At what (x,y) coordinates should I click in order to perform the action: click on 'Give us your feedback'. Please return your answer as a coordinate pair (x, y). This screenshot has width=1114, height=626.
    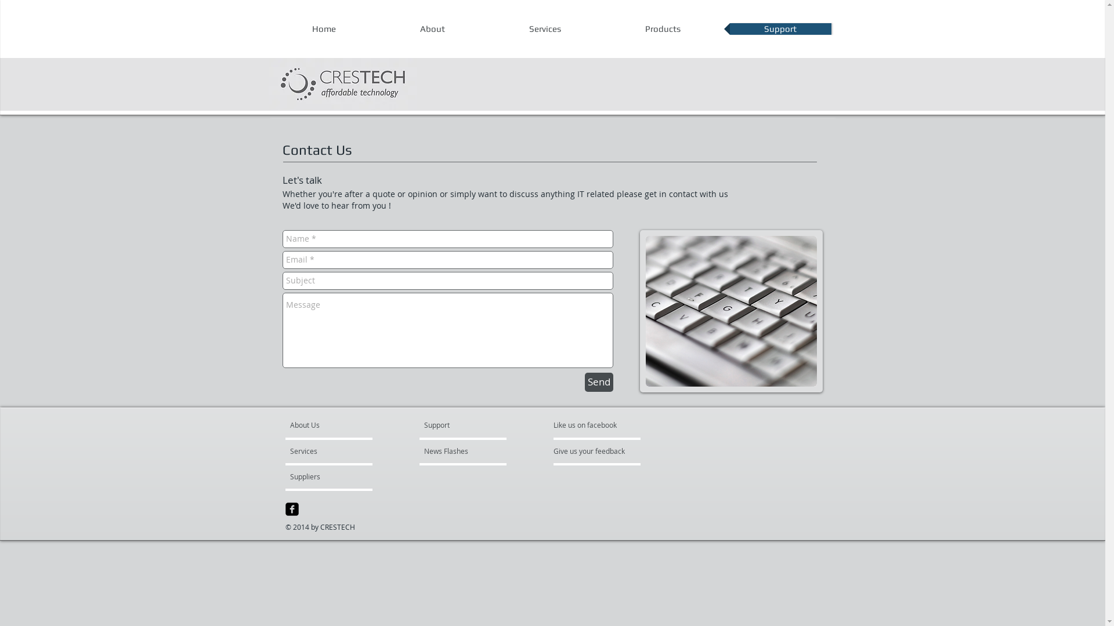
    Looking at the image, I should click on (595, 450).